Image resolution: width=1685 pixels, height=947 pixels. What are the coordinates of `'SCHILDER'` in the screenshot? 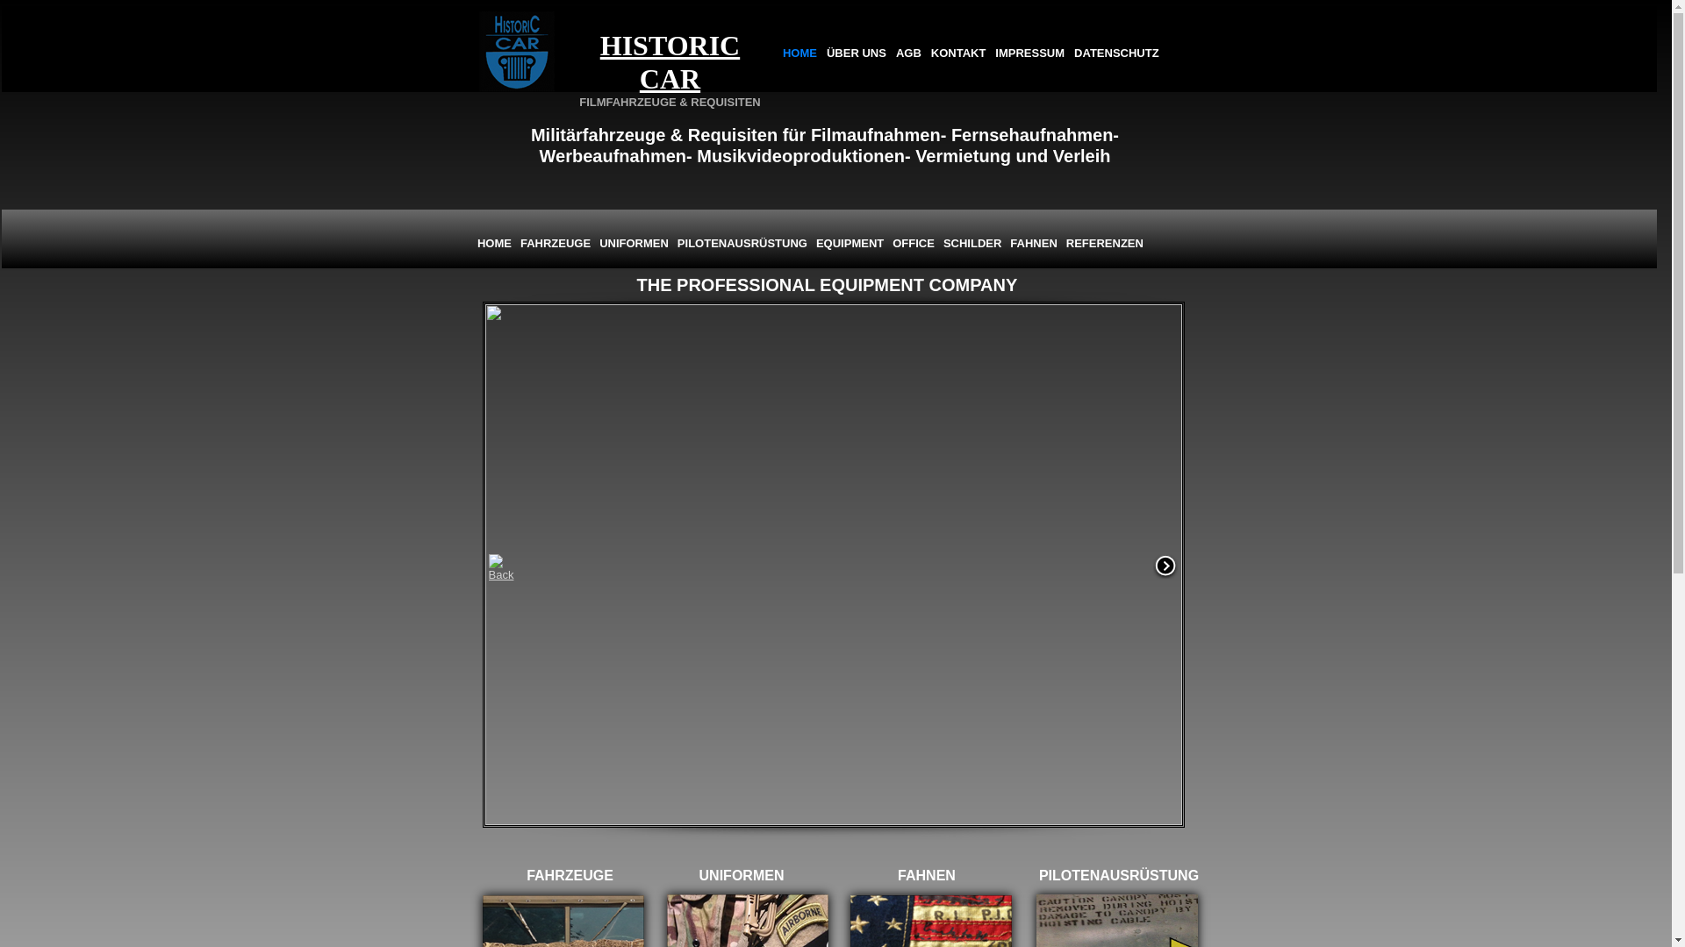 It's located at (972, 243).